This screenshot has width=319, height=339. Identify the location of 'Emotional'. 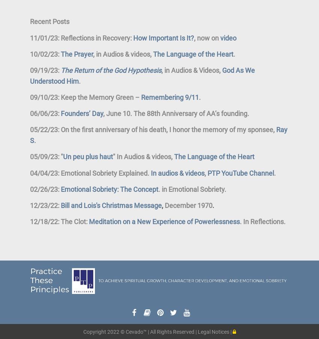
(184, 189).